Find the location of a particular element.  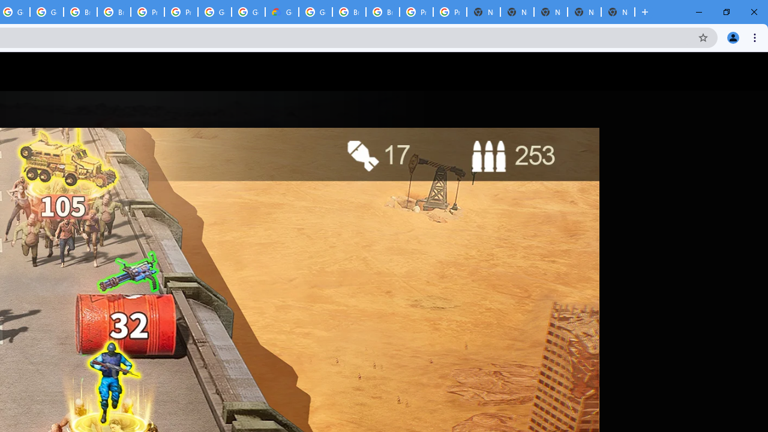

'New Tab' is located at coordinates (618, 12).